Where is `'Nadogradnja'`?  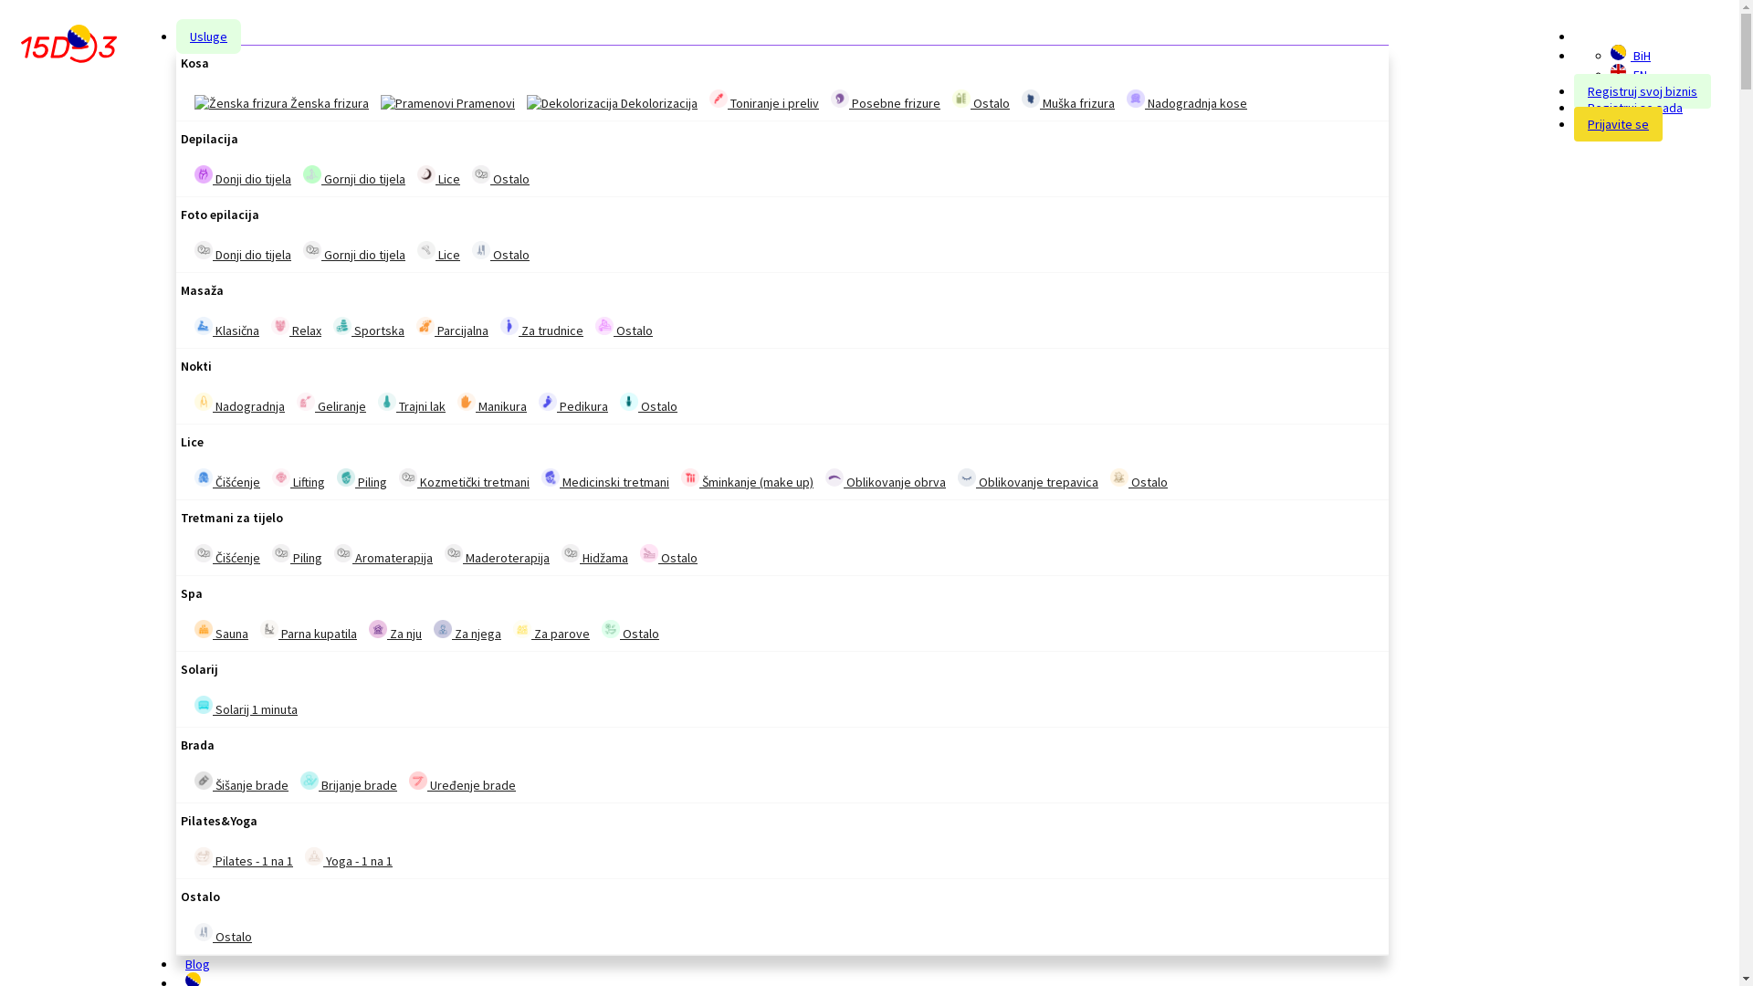 'Nadogradnja' is located at coordinates (238, 403).